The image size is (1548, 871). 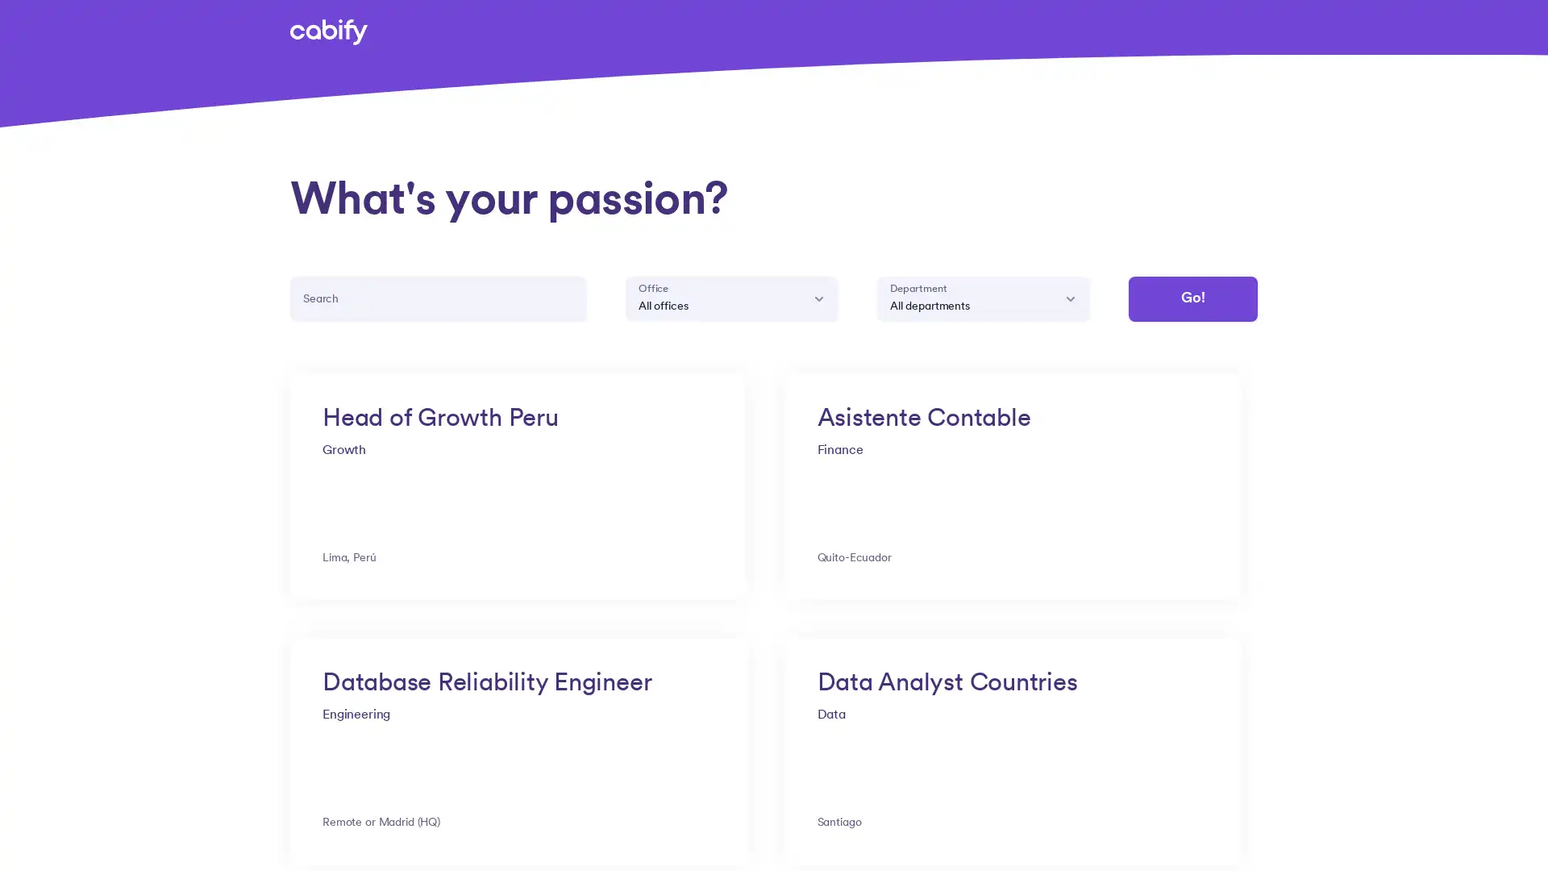 I want to click on Go!, so click(x=1192, y=298).